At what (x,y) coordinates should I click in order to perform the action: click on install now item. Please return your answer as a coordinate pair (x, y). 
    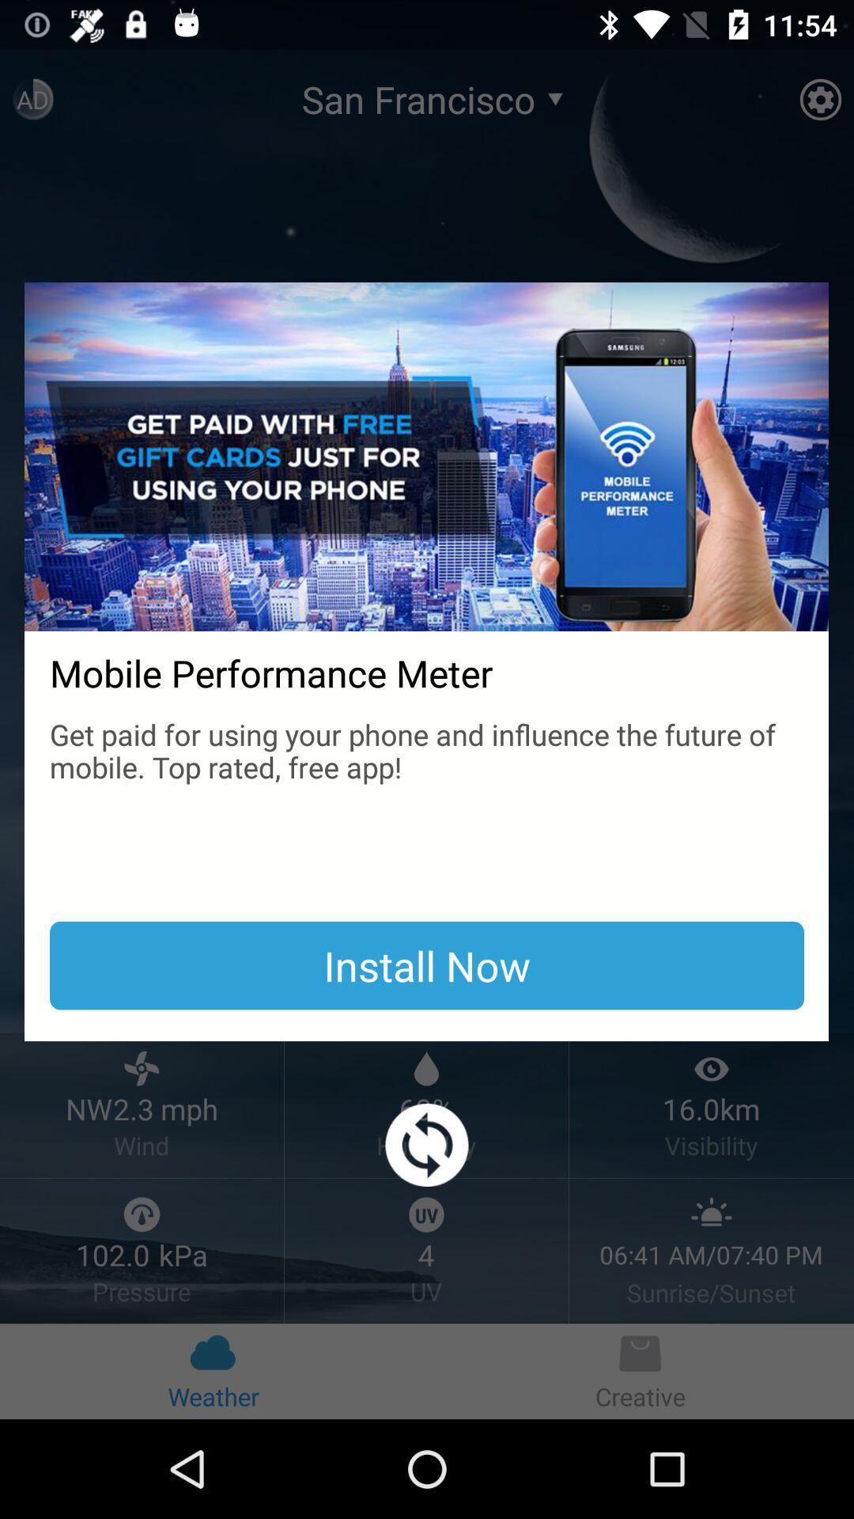
    Looking at the image, I should click on (427, 964).